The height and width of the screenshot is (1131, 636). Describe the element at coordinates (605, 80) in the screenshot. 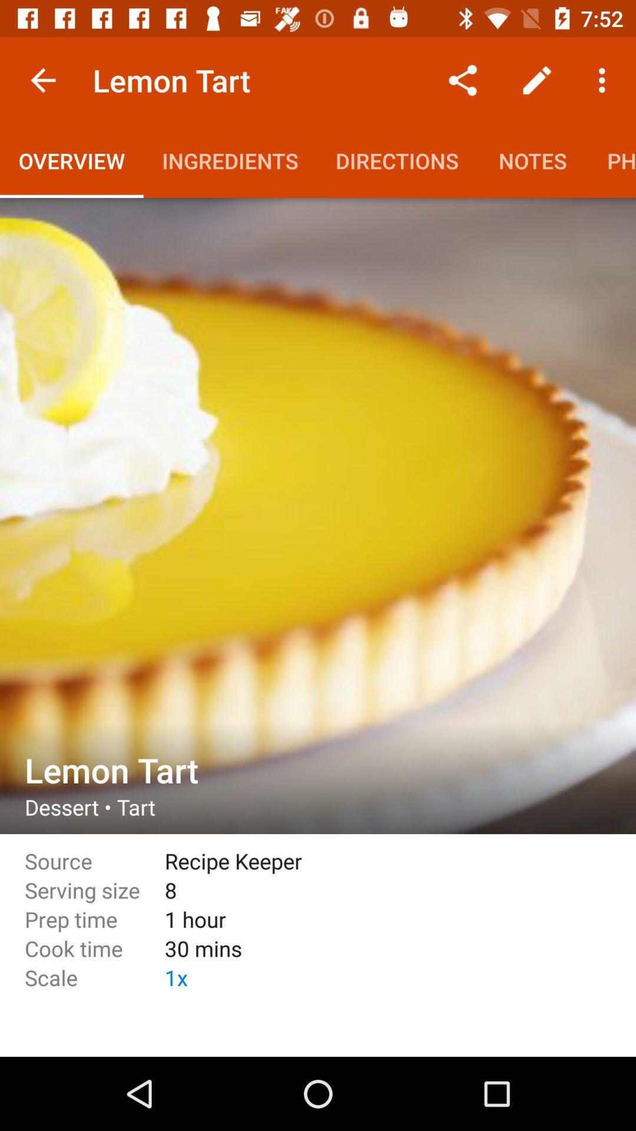

I see `the options button which is just below the time` at that location.